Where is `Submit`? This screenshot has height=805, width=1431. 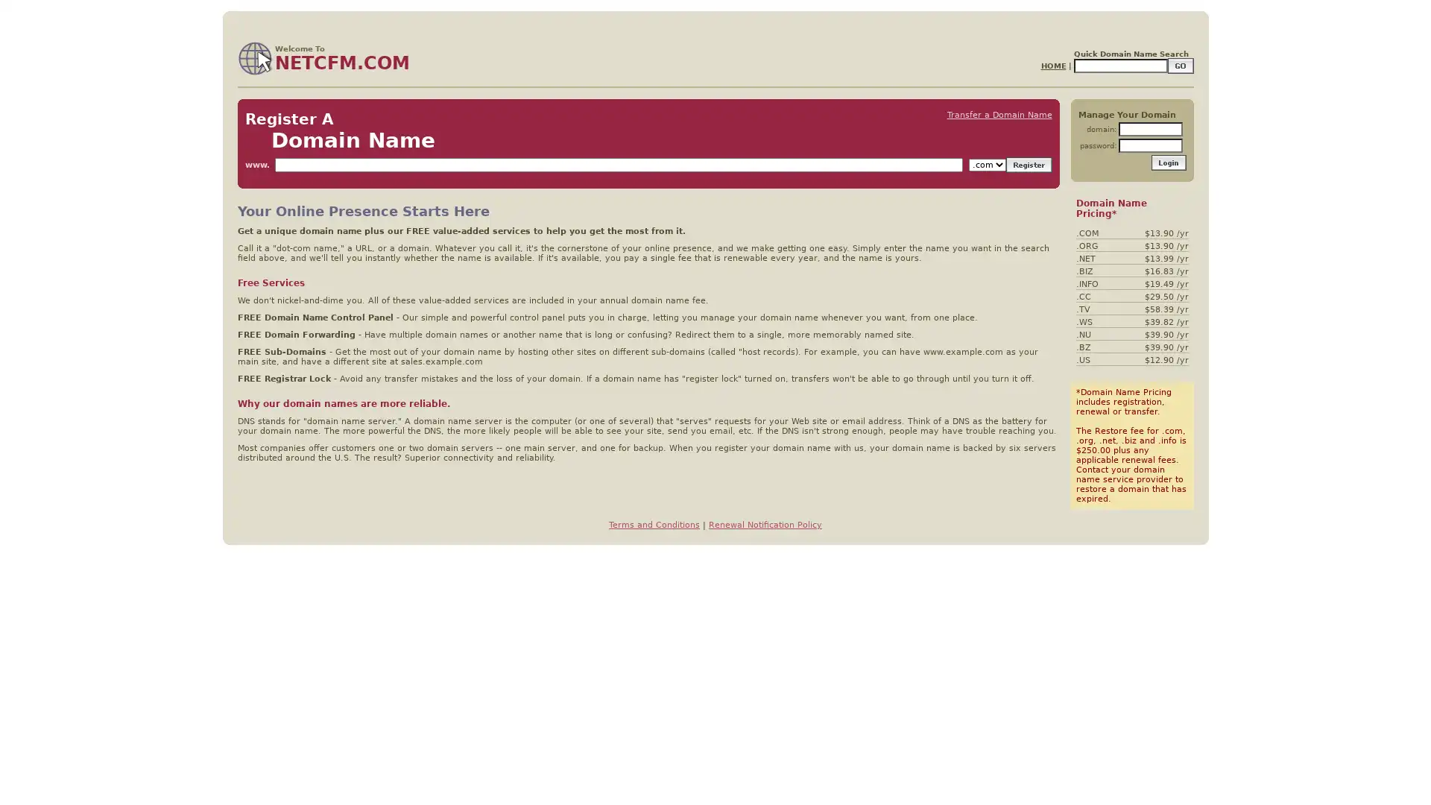 Submit is located at coordinates (1028, 165).